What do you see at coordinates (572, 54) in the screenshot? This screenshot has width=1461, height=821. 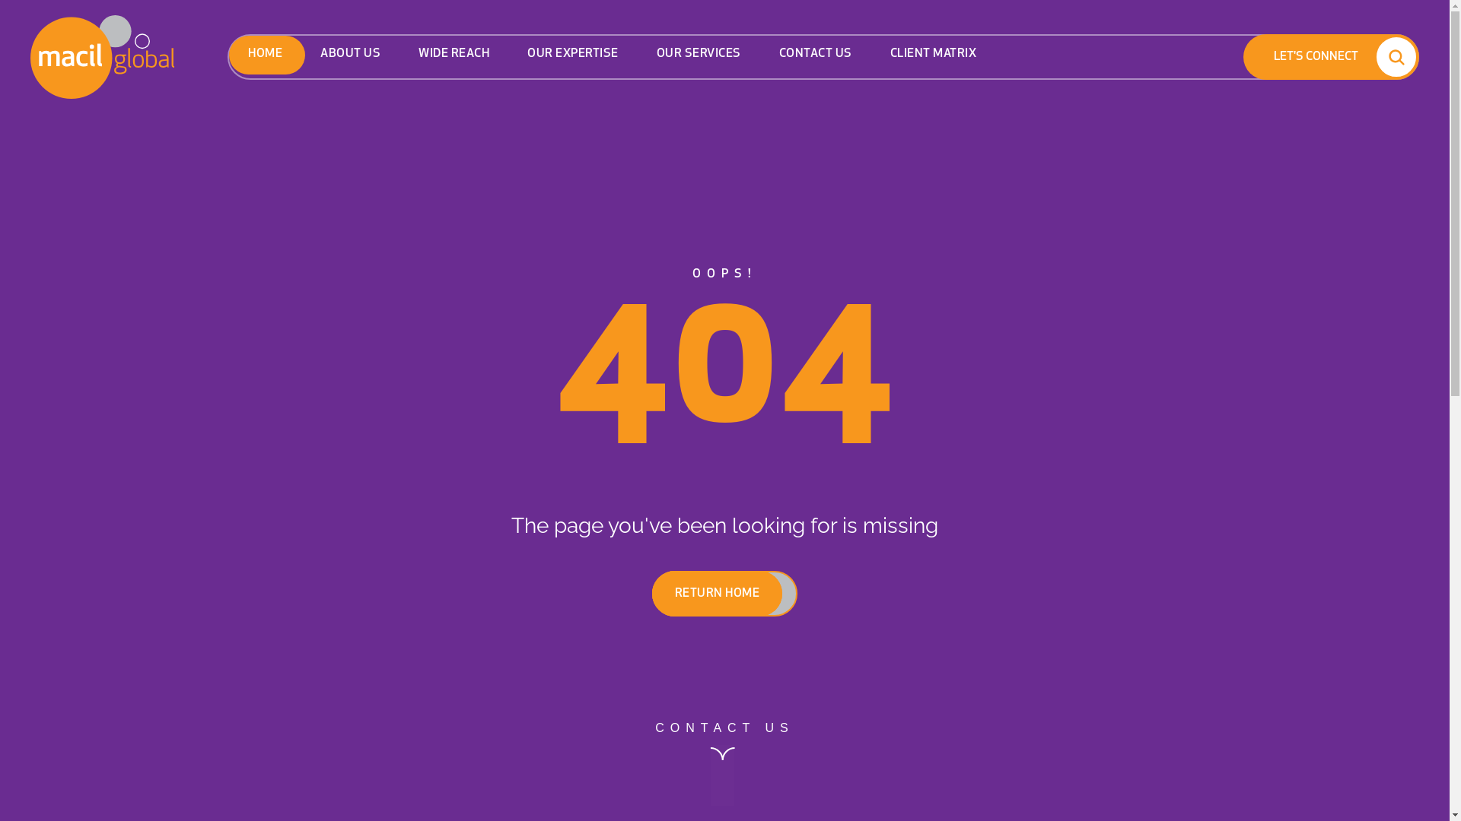 I see `'OUR EXPERTISE'` at bounding box center [572, 54].